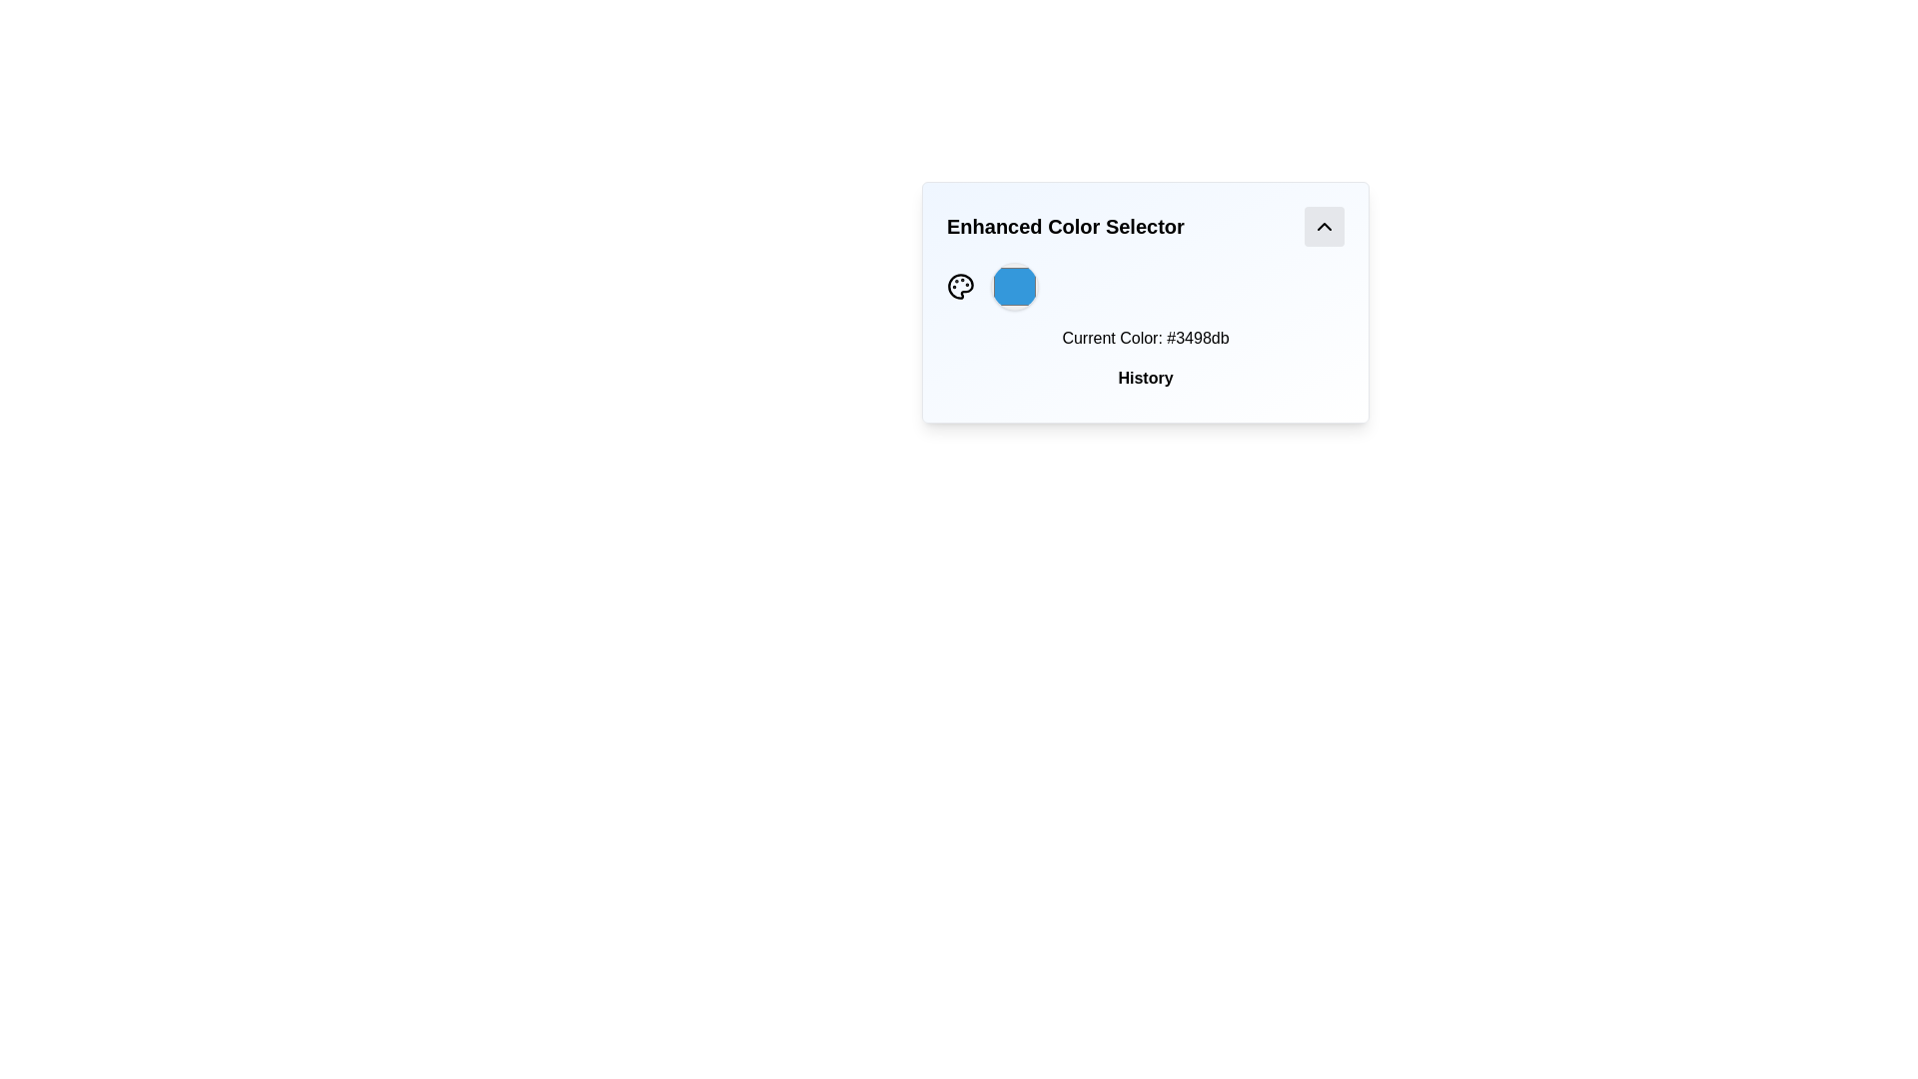 This screenshot has width=1918, height=1079. I want to click on the toggle button located at the top-right corner of the 'Enhanced Color Selector' card, so click(1324, 226).